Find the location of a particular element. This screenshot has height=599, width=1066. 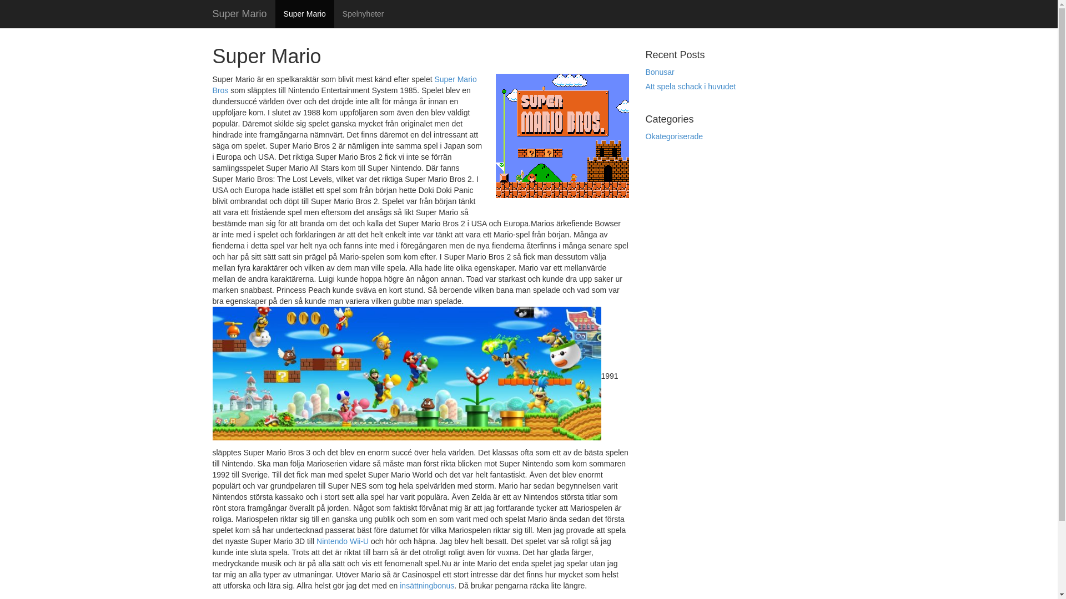

'Nintendo Wii-U' is located at coordinates (342, 540).